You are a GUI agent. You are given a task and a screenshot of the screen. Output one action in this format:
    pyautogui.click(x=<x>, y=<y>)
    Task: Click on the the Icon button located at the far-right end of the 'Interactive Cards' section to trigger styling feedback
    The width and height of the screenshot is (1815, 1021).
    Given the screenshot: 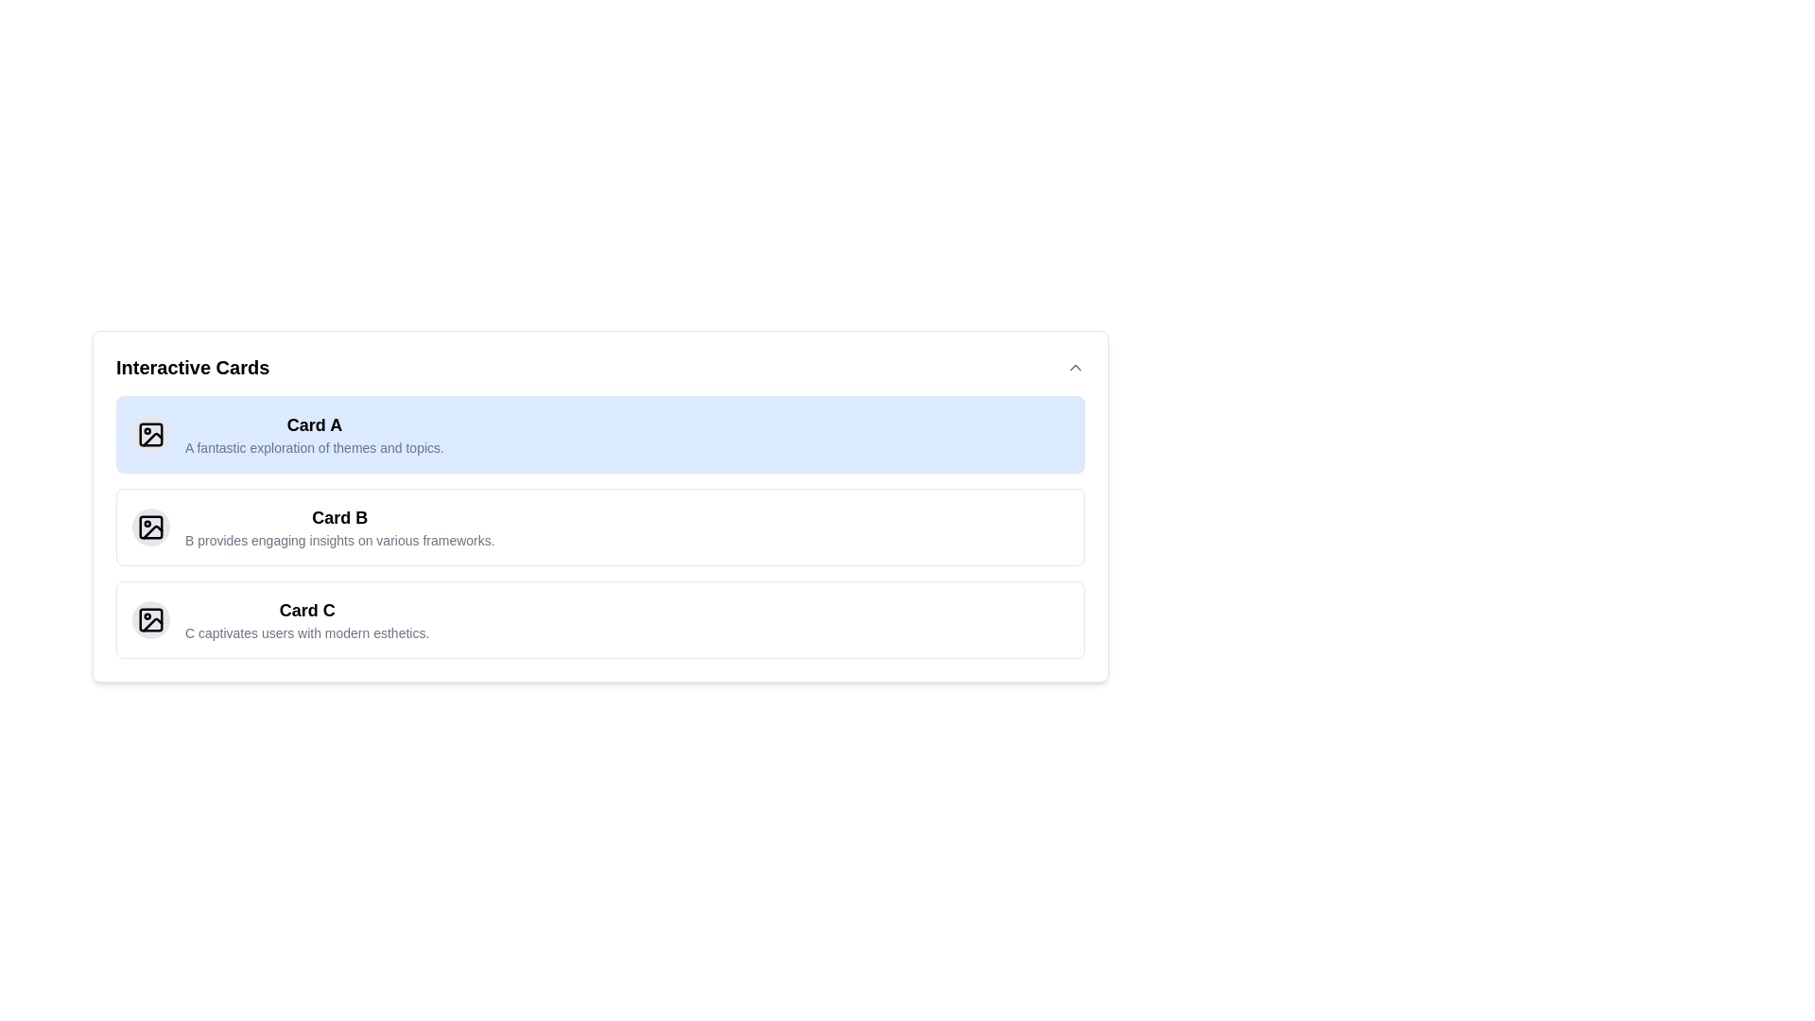 What is the action you would take?
    pyautogui.click(x=1075, y=368)
    